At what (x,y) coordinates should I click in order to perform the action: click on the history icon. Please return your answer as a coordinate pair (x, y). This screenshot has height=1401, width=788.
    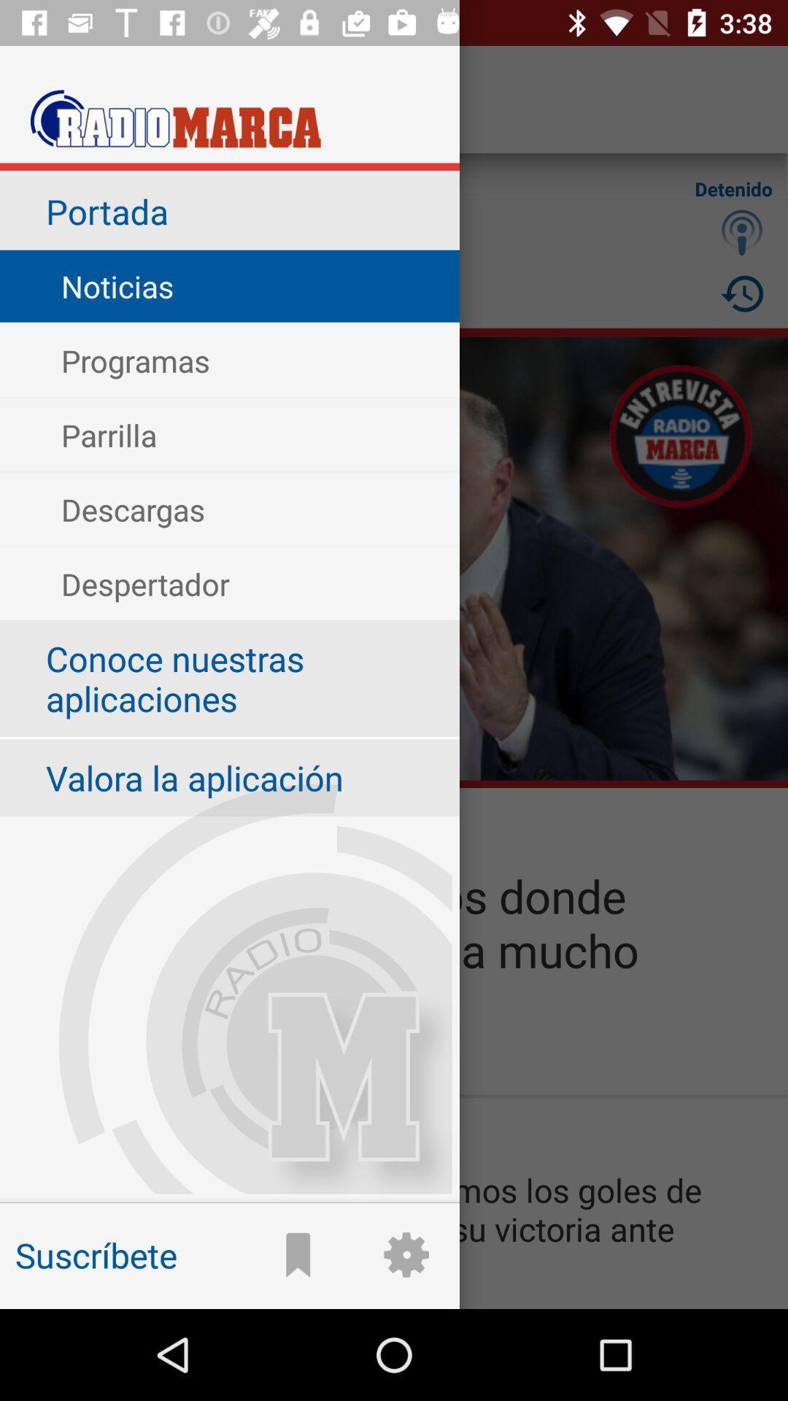
    Looking at the image, I should click on (742, 293).